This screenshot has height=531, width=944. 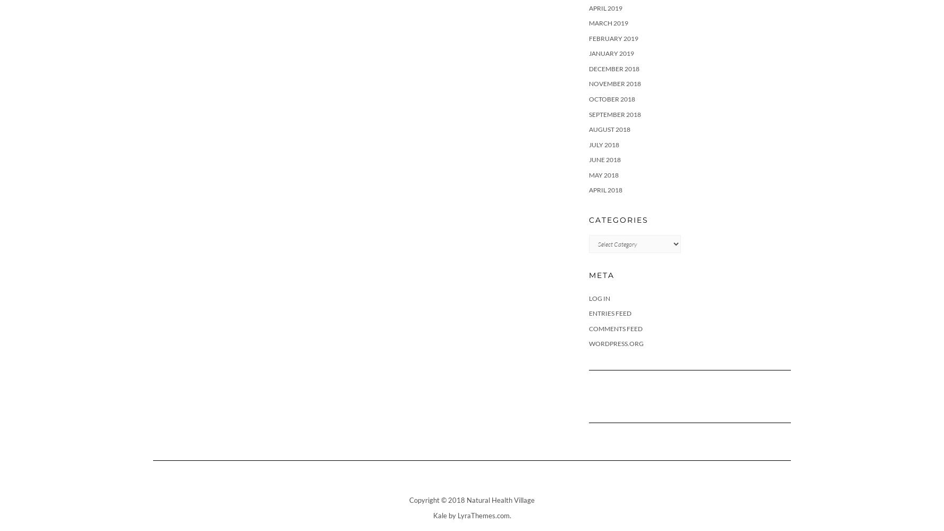 What do you see at coordinates (602, 274) in the screenshot?
I see `'Meta'` at bounding box center [602, 274].